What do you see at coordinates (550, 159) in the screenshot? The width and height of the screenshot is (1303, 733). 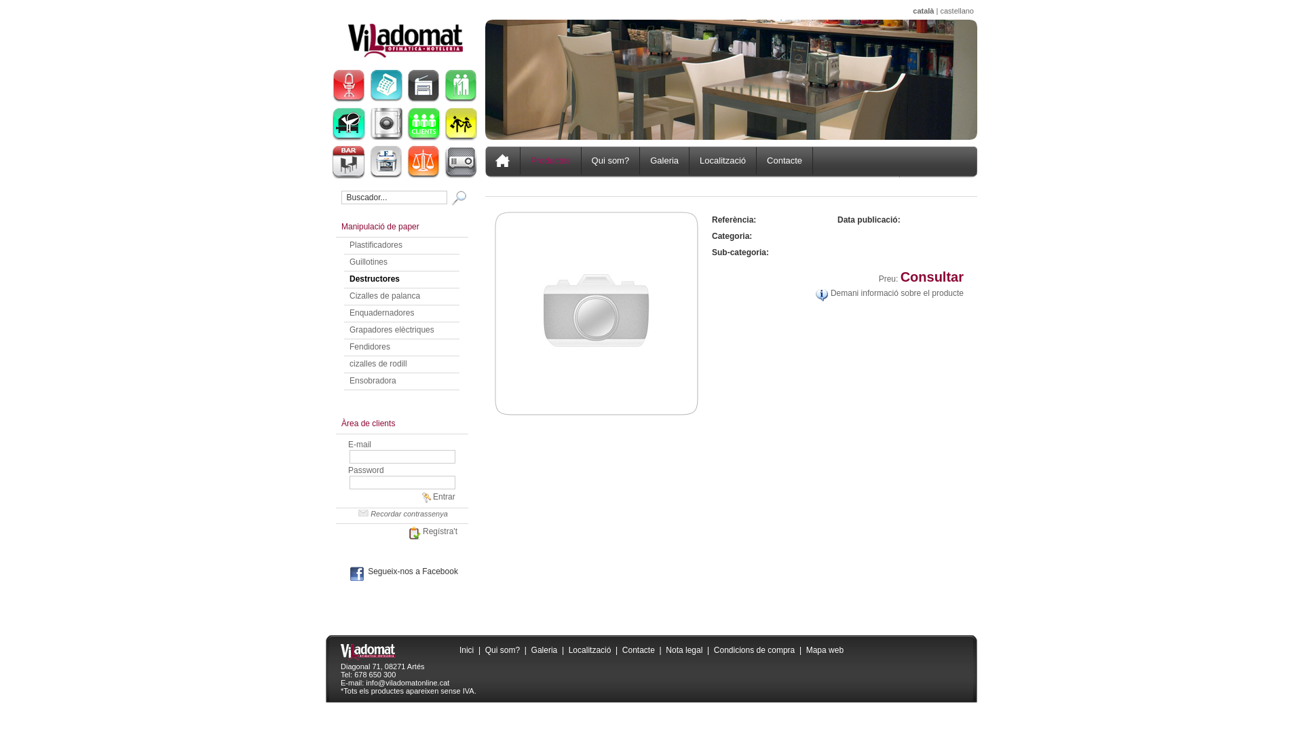 I see `'Productes'` at bounding box center [550, 159].